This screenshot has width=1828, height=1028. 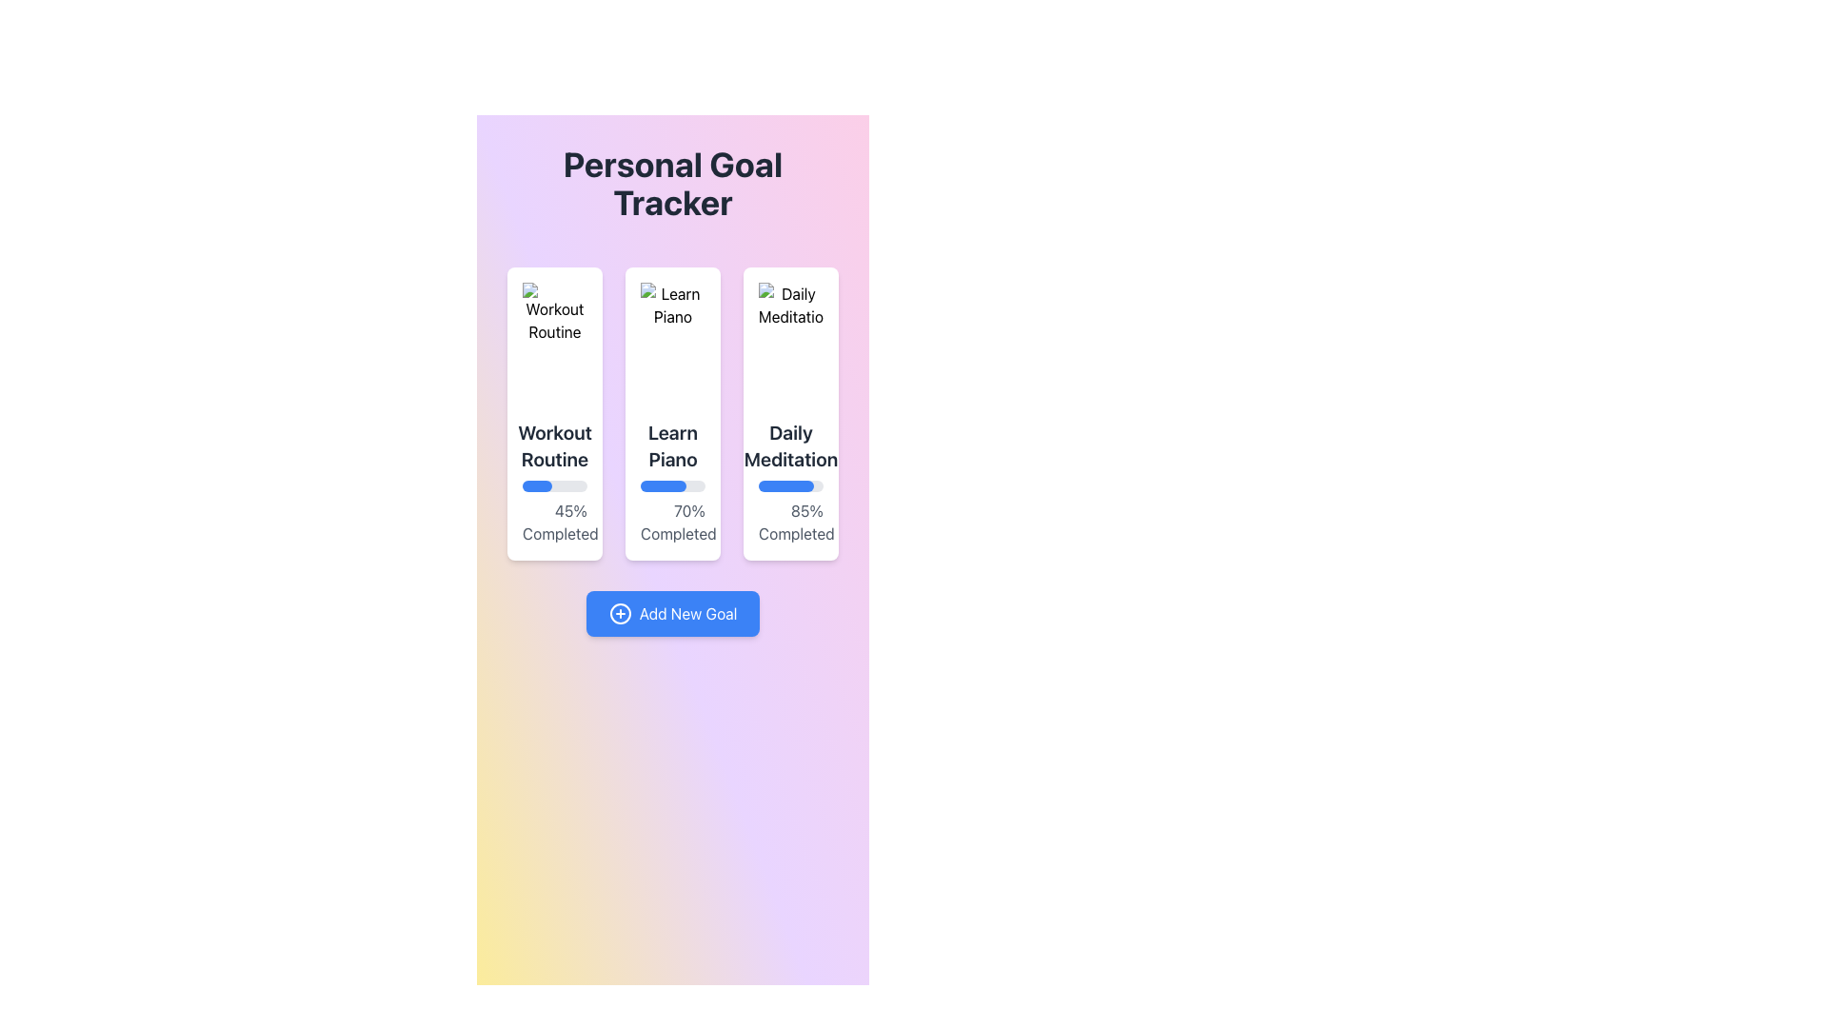 I want to click on the progress bar located in the 'Daily Meditation' section, positioned directly below the 'Daily Meditation' text and above the '85% Completed' label, so click(x=790, y=484).